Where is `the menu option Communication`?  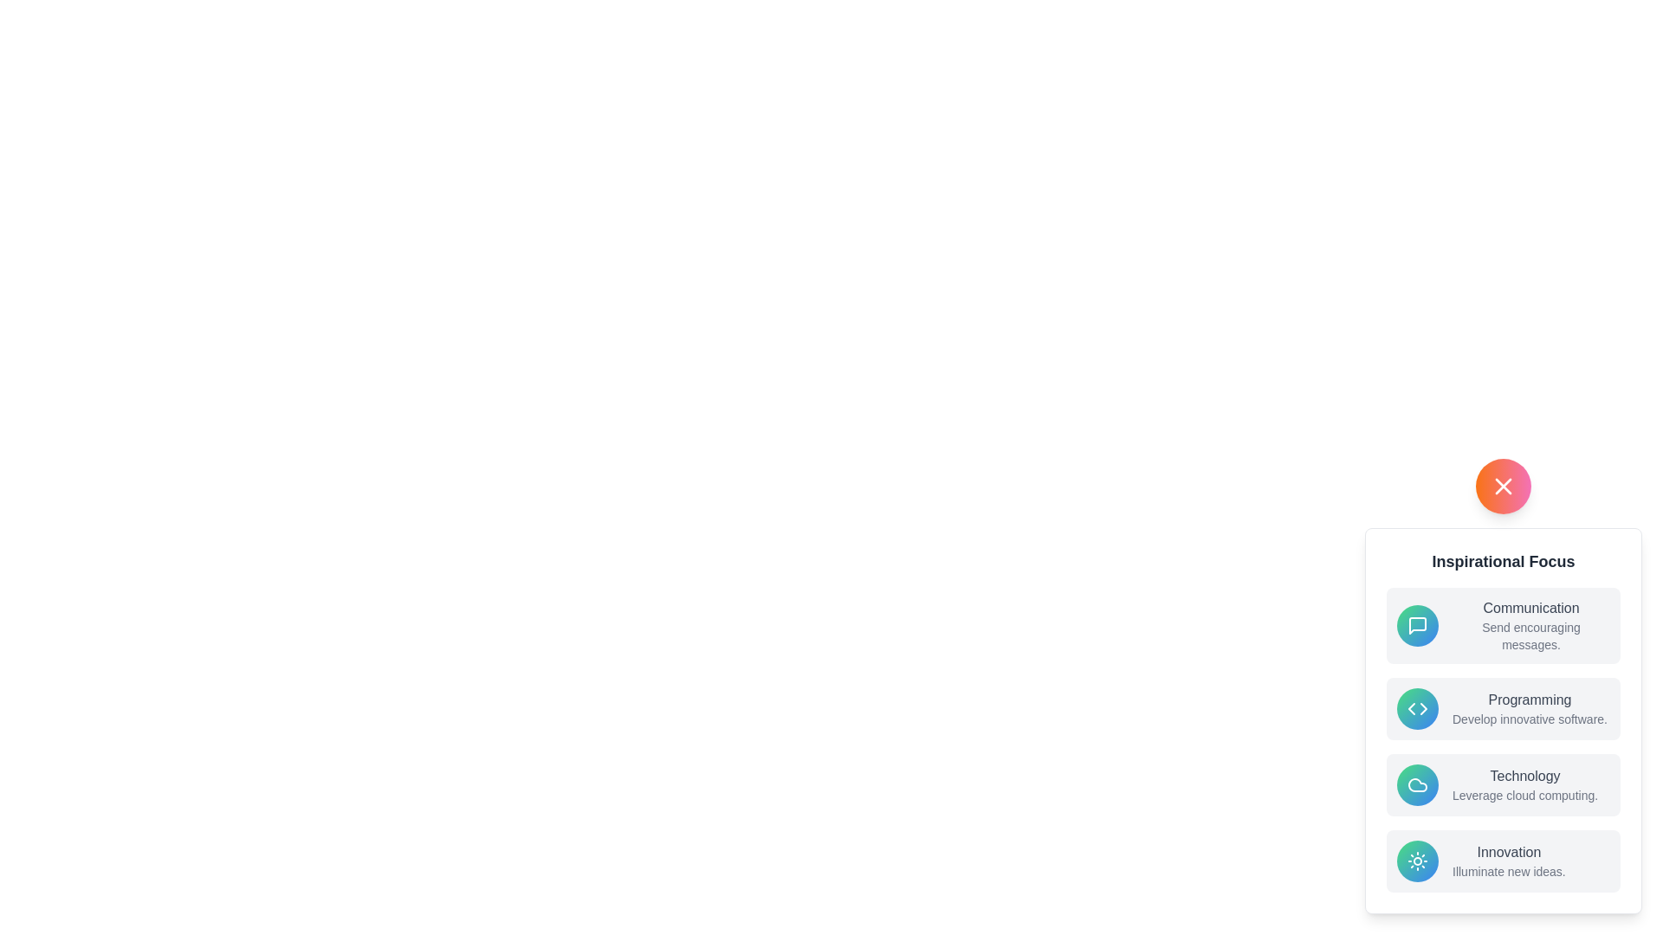 the menu option Communication is located at coordinates (1503, 625).